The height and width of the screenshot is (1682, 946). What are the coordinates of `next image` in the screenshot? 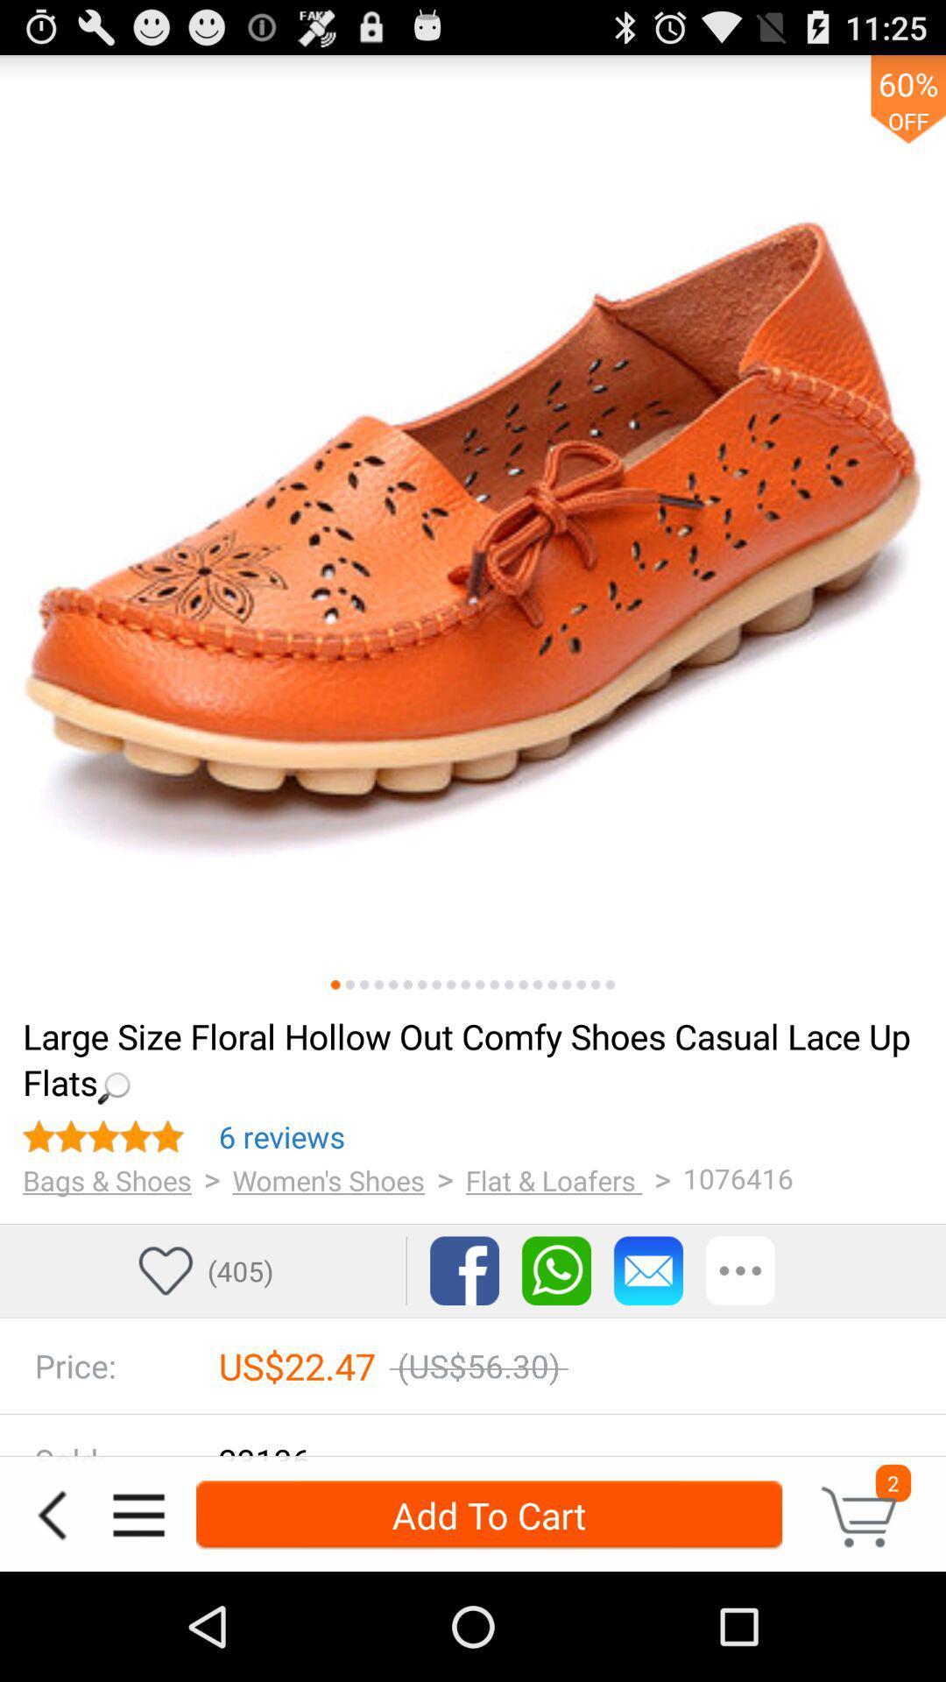 It's located at (335, 985).